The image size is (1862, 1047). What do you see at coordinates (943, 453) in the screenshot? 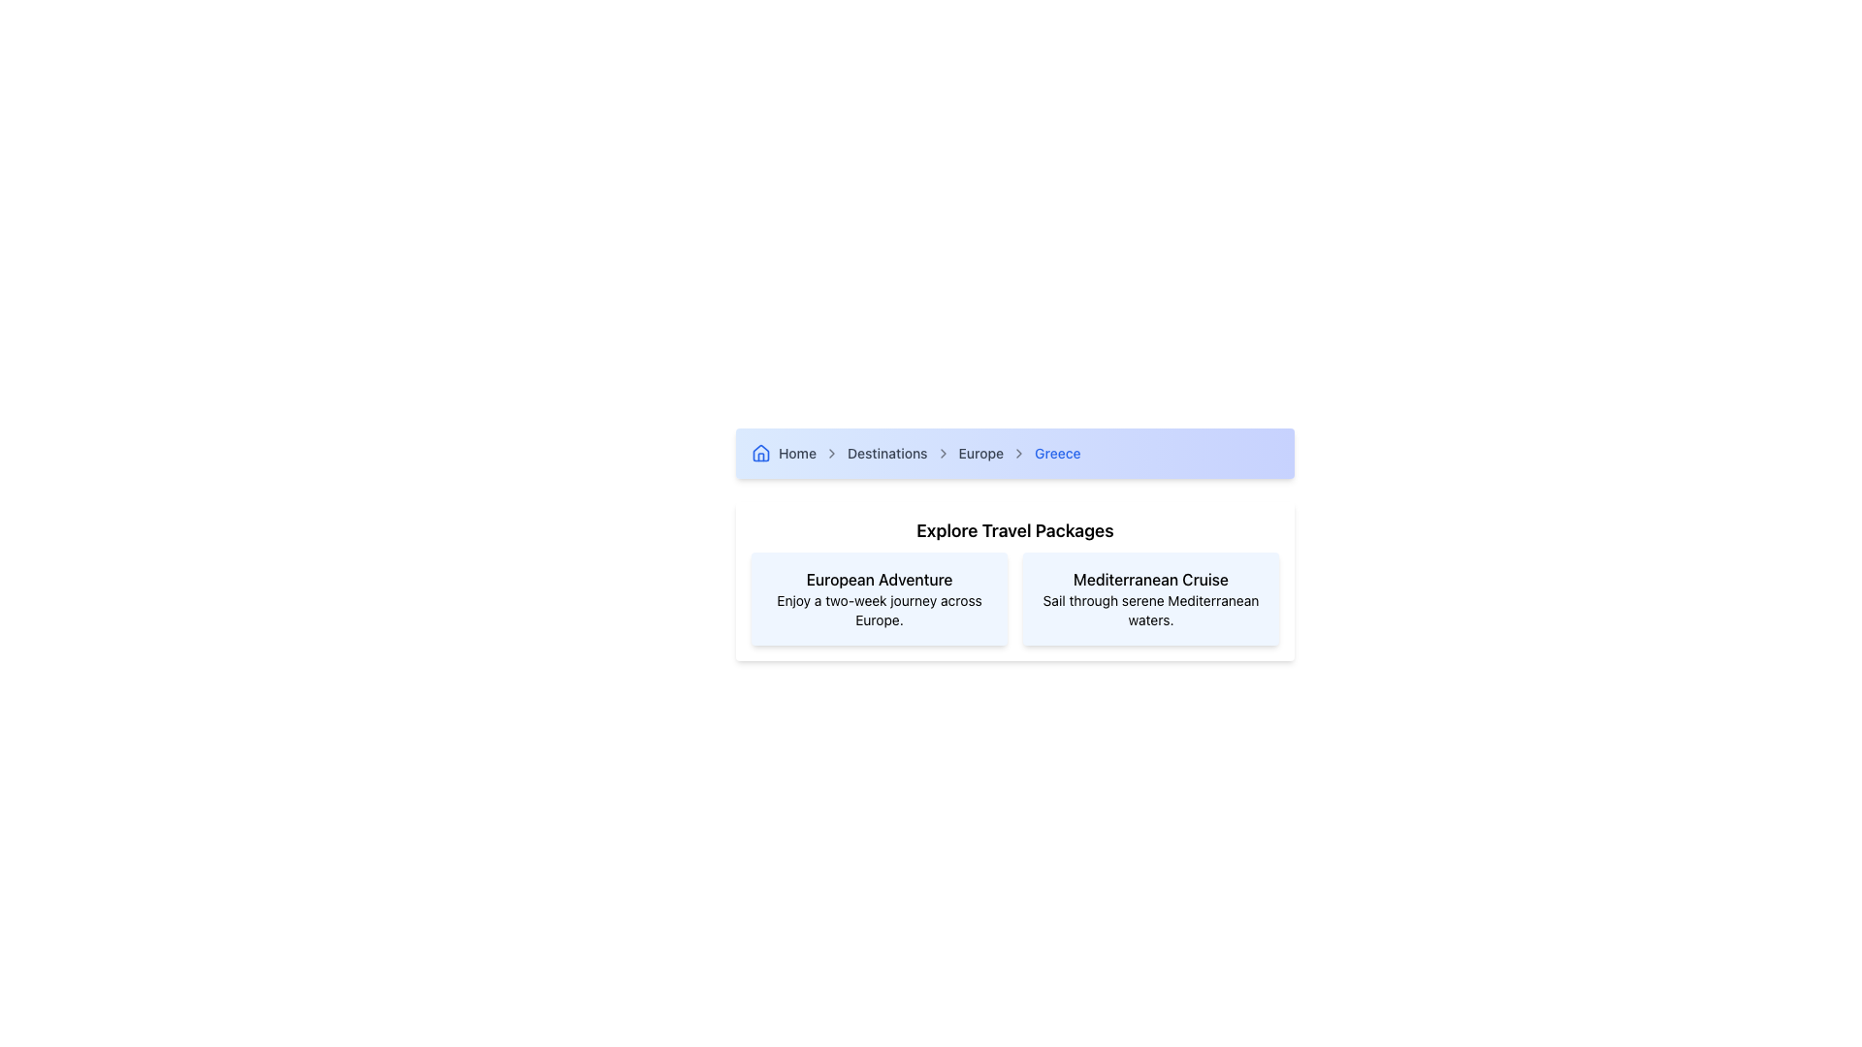
I see `the third right-facing arrow icon in the breadcrumb navigation bar, which is styled with rounded edges and a gray stroke, serving as a separator between 'Destinations' and 'Europe'` at bounding box center [943, 453].